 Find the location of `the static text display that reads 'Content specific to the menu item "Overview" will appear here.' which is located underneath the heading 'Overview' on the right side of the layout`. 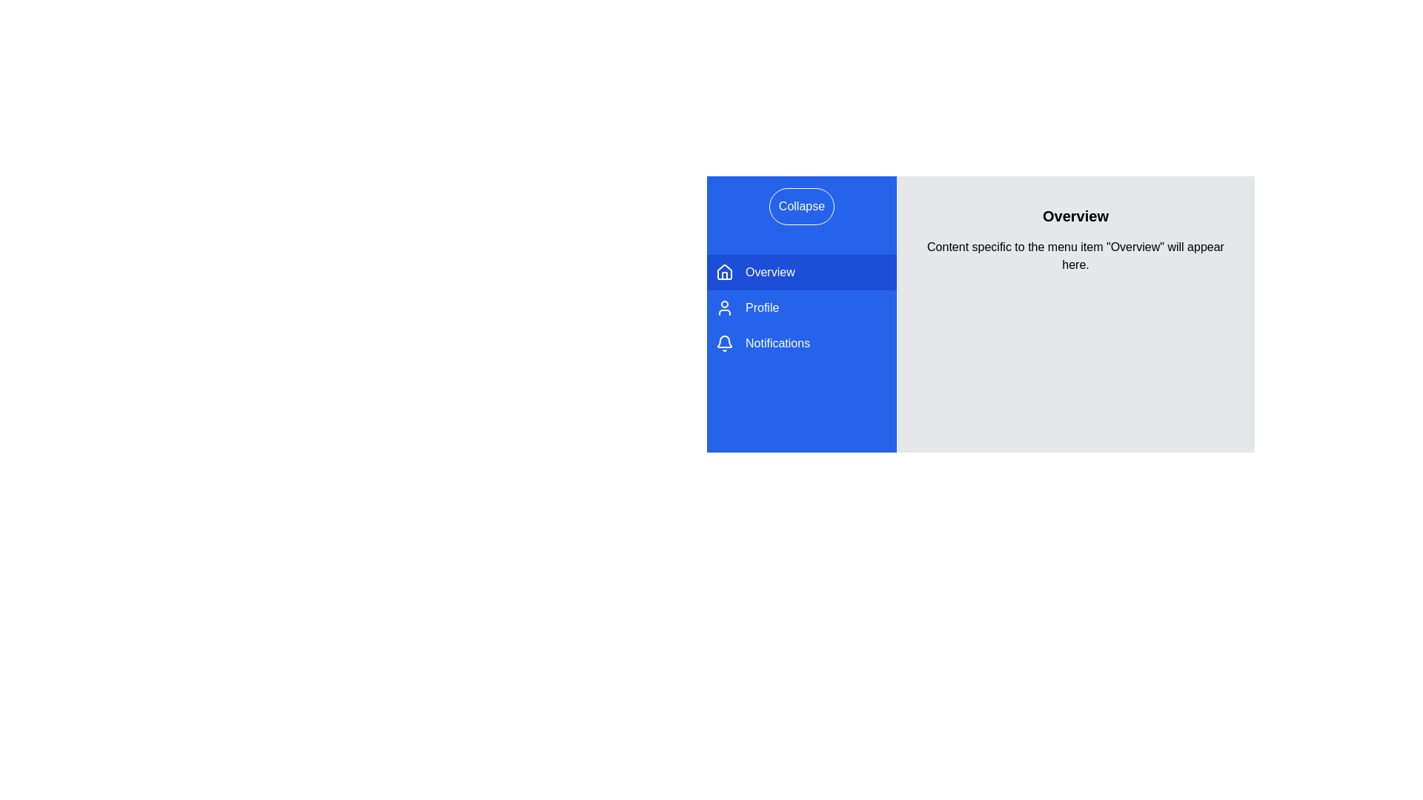

the static text display that reads 'Content specific to the menu item "Overview" will appear here.' which is located underneath the heading 'Overview' on the right side of the layout is located at coordinates (1075, 256).